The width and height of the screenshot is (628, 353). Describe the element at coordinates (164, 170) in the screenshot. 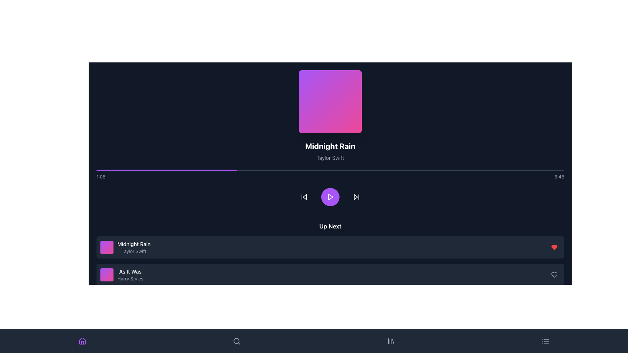

I see `the progress bar` at that location.